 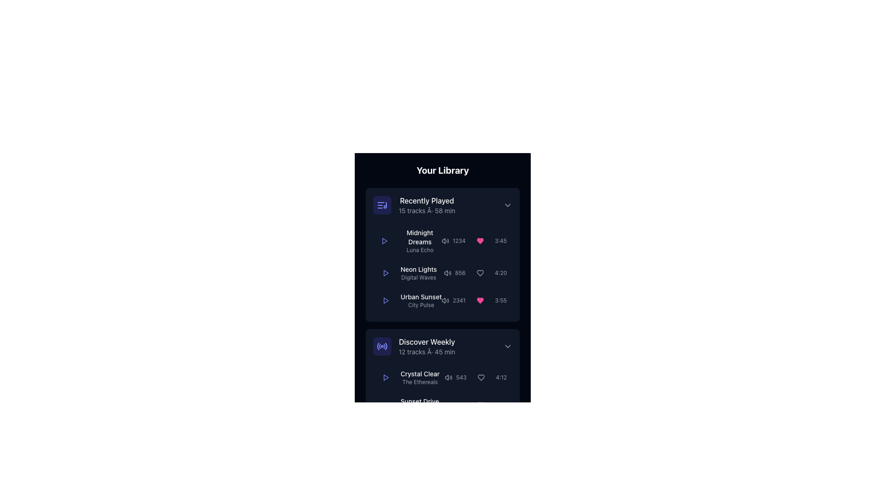 I want to click on the Chevron Right icon located at the far right of the Recently Played card header, so click(x=507, y=204).